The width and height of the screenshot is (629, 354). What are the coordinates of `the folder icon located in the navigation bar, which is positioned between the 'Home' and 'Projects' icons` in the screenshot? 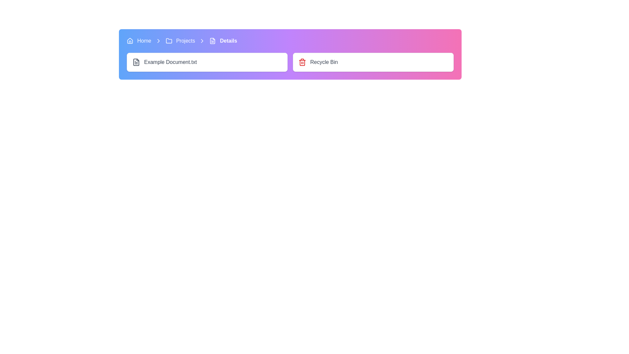 It's located at (169, 41).